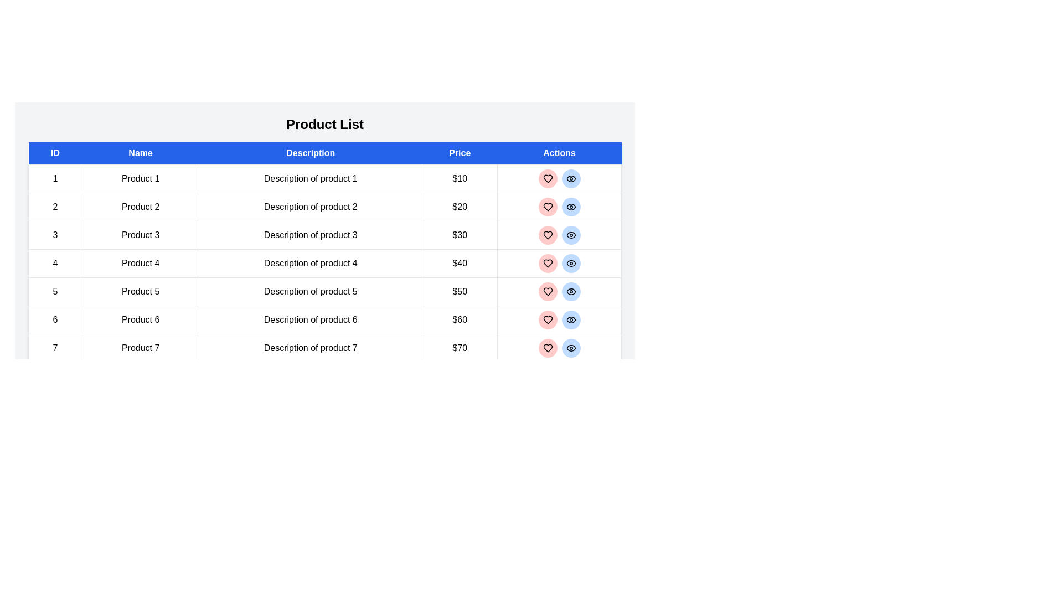 The width and height of the screenshot is (1063, 598). What do you see at coordinates (140, 320) in the screenshot?
I see `the product name Product 6 in the table` at bounding box center [140, 320].